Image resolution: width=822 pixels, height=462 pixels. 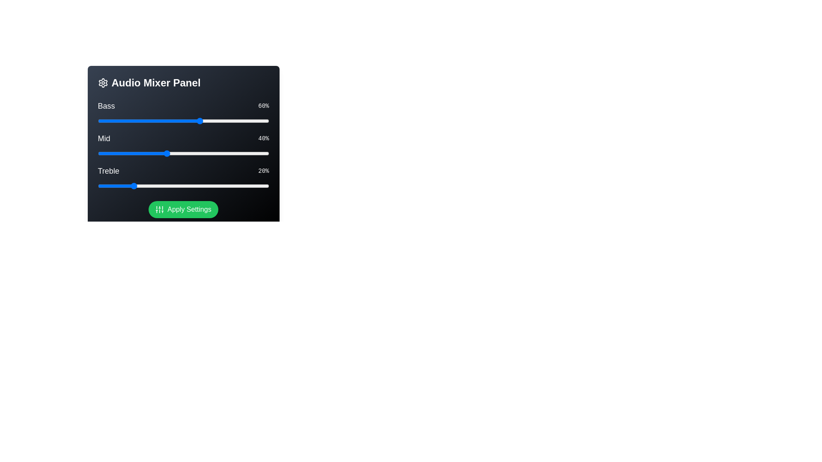 What do you see at coordinates (135, 153) in the screenshot?
I see `the 'Mid' slider to 22%` at bounding box center [135, 153].